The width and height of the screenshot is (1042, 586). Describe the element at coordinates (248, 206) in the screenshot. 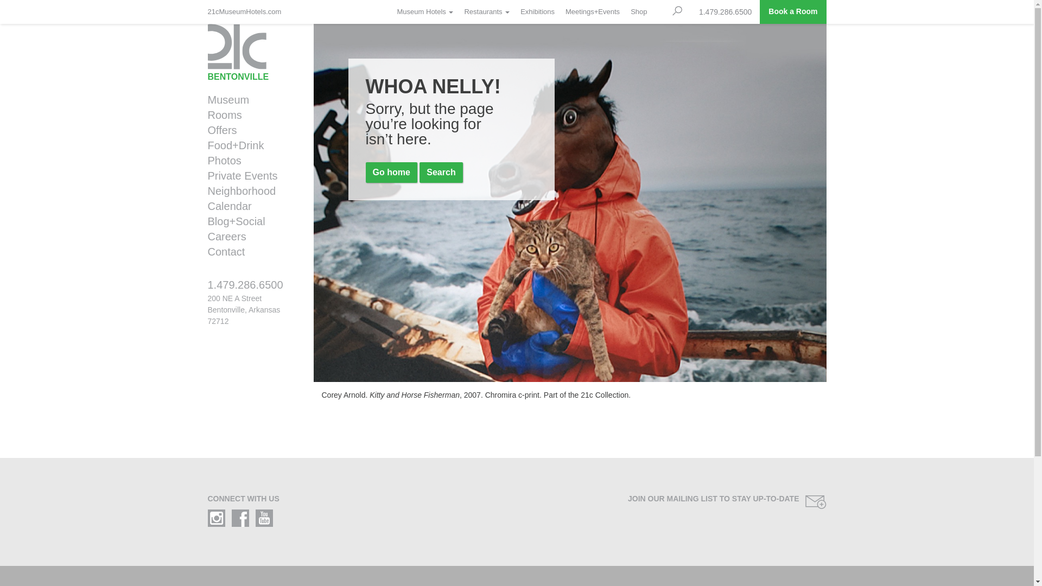

I see `'Calendar'` at that location.